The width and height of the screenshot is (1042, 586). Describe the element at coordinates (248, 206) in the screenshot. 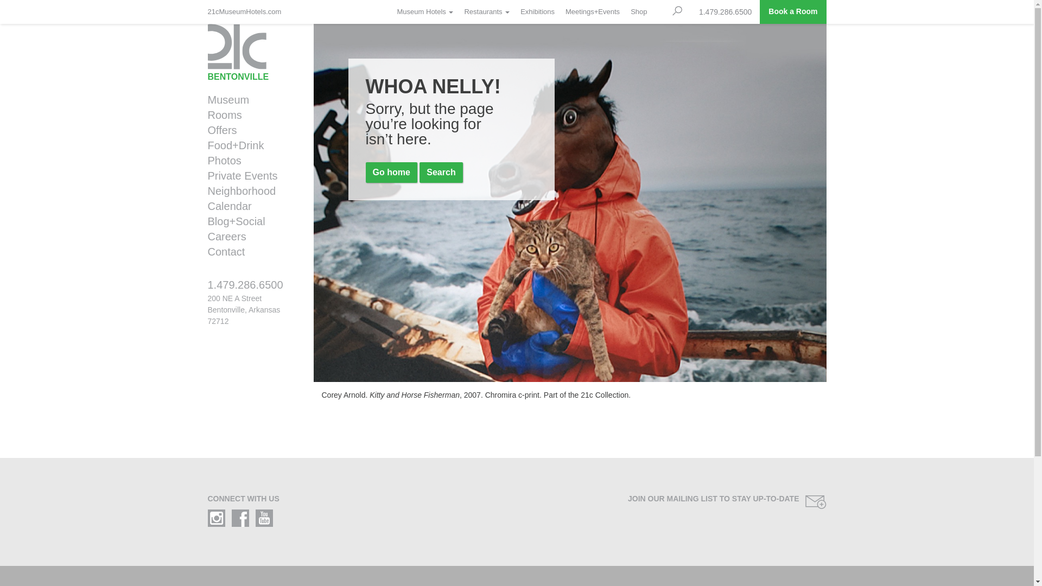

I see `'Calendar'` at that location.